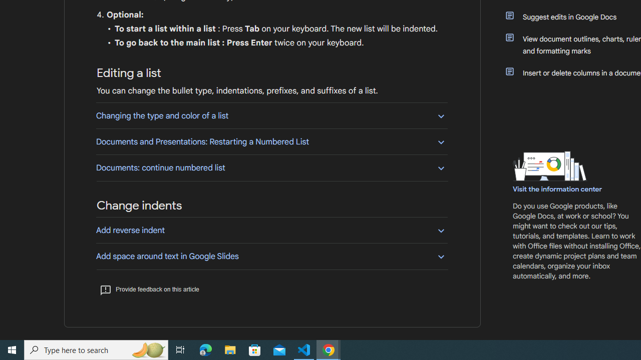 The width and height of the screenshot is (641, 360). I want to click on 'Visit the information center', so click(557, 189).